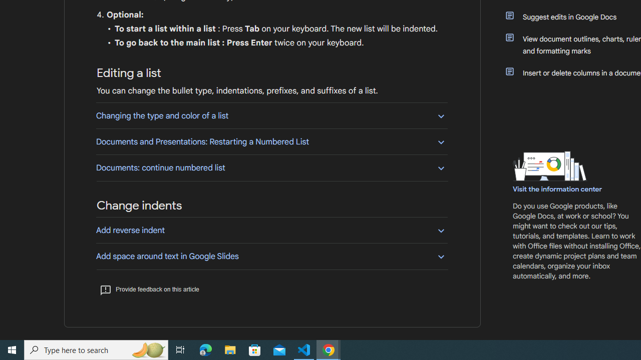 The width and height of the screenshot is (641, 360). I want to click on 'Visit the information center', so click(557, 189).